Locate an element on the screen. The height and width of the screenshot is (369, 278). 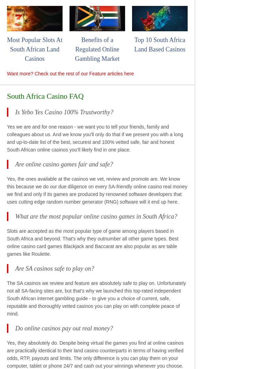
'Is Yebo Yes Casino 100% Trustworthy?' is located at coordinates (64, 111).